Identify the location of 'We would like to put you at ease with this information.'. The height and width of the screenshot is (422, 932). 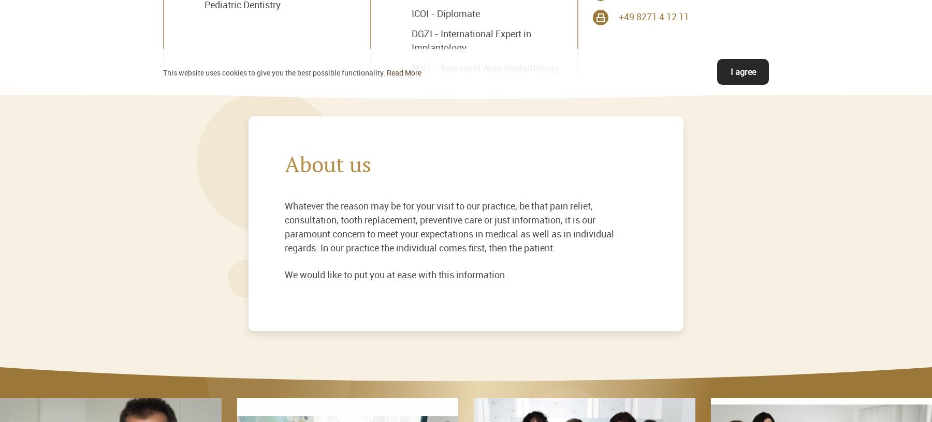
(284, 274).